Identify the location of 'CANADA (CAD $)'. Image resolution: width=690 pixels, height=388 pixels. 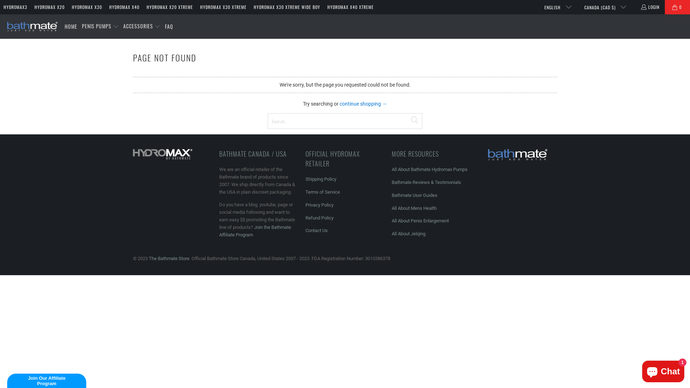
(602, 7).